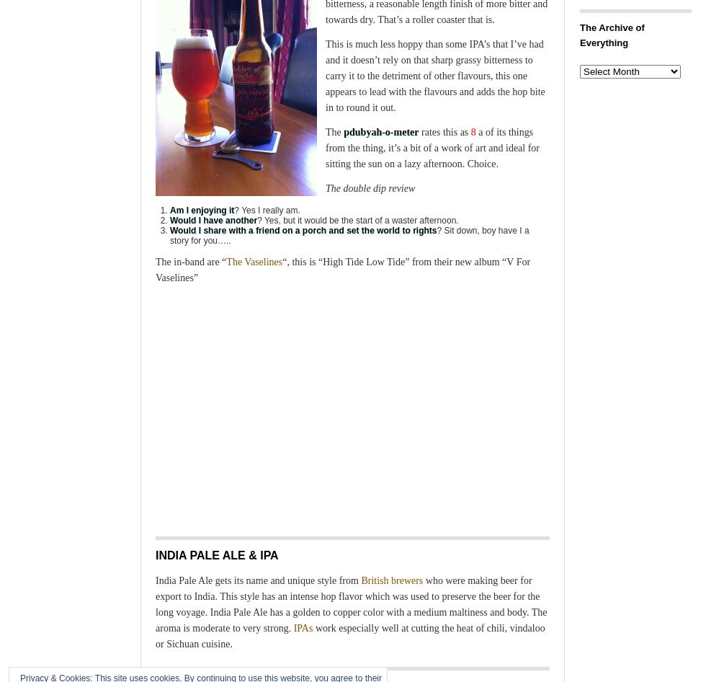 Image resolution: width=706 pixels, height=682 pixels. What do you see at coordinates (432, 148) in the screenshot?
I see `'a of its things from the thing, it’s a bit of a work of art and ideal for sitting the sun on a lazy afternoon. Choice.'` at bounding box center [432, 148].